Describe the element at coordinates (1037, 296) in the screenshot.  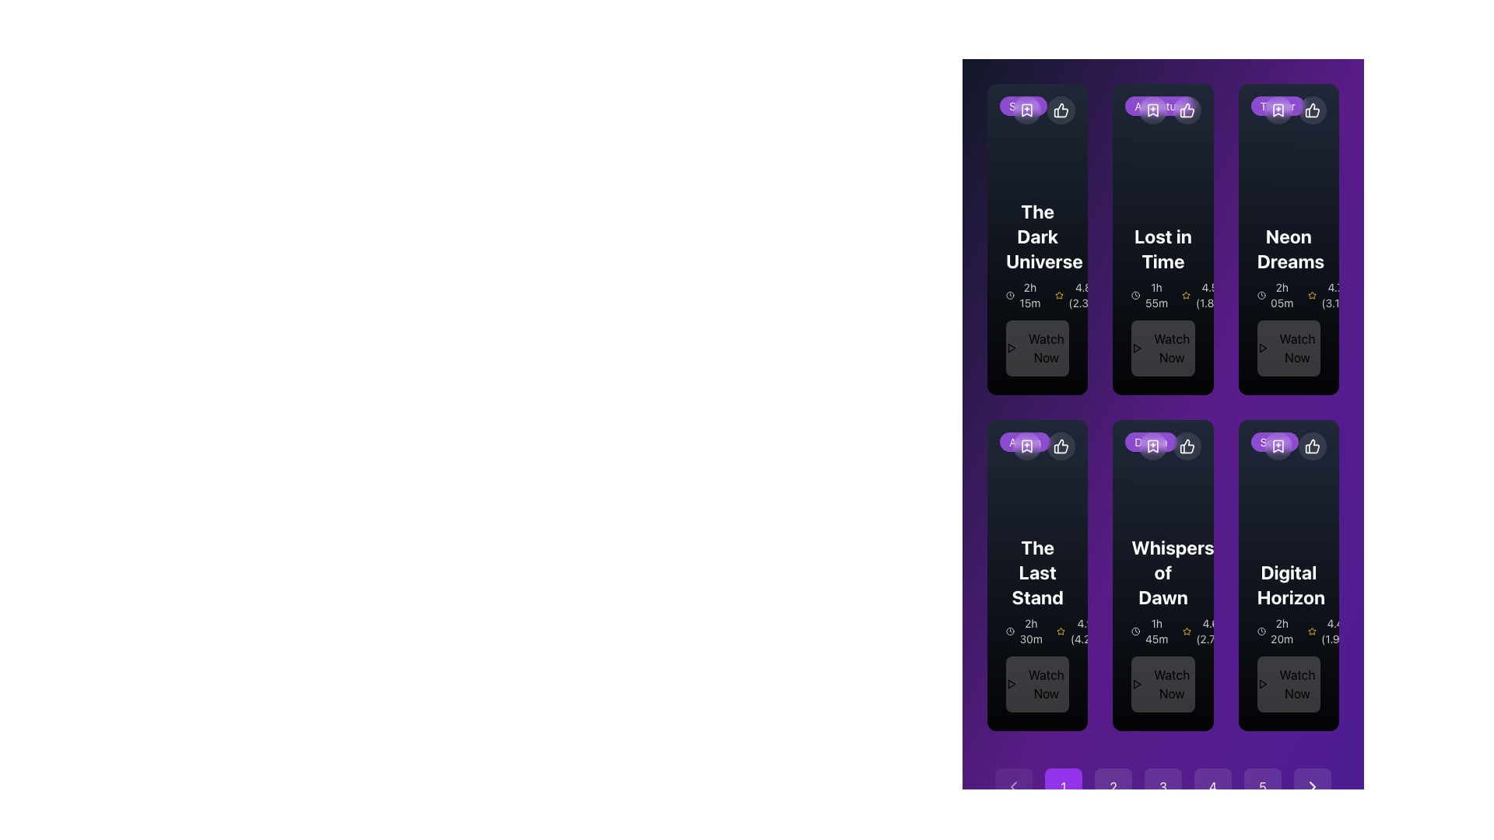
I see `duration and rating information displayed in the 'The Dark Universe' card, specifically located below the title and above the 'Watch Now' button` at that location.